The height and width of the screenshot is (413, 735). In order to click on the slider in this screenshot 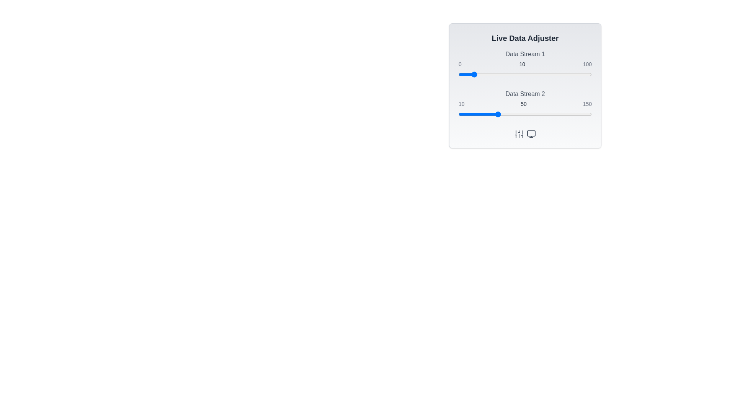, I will do `click(478, 75)`.